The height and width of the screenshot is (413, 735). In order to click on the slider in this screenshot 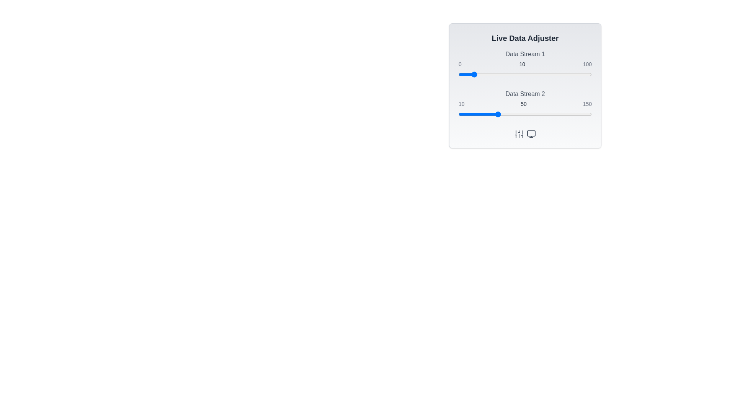, I will do `click(478, 75)`.